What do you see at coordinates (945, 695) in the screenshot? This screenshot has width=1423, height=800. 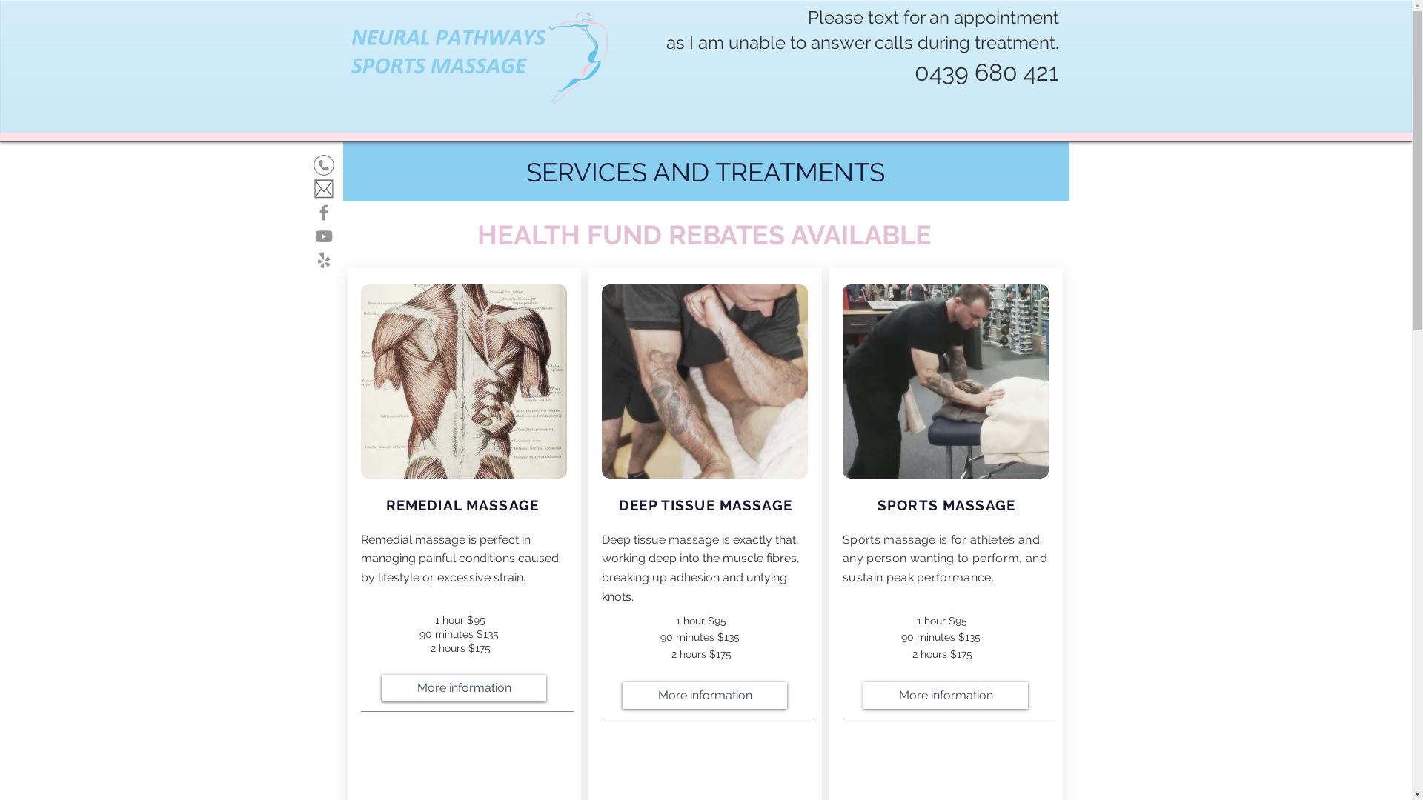 I see `'More information'` at bounding box center [945, 695].